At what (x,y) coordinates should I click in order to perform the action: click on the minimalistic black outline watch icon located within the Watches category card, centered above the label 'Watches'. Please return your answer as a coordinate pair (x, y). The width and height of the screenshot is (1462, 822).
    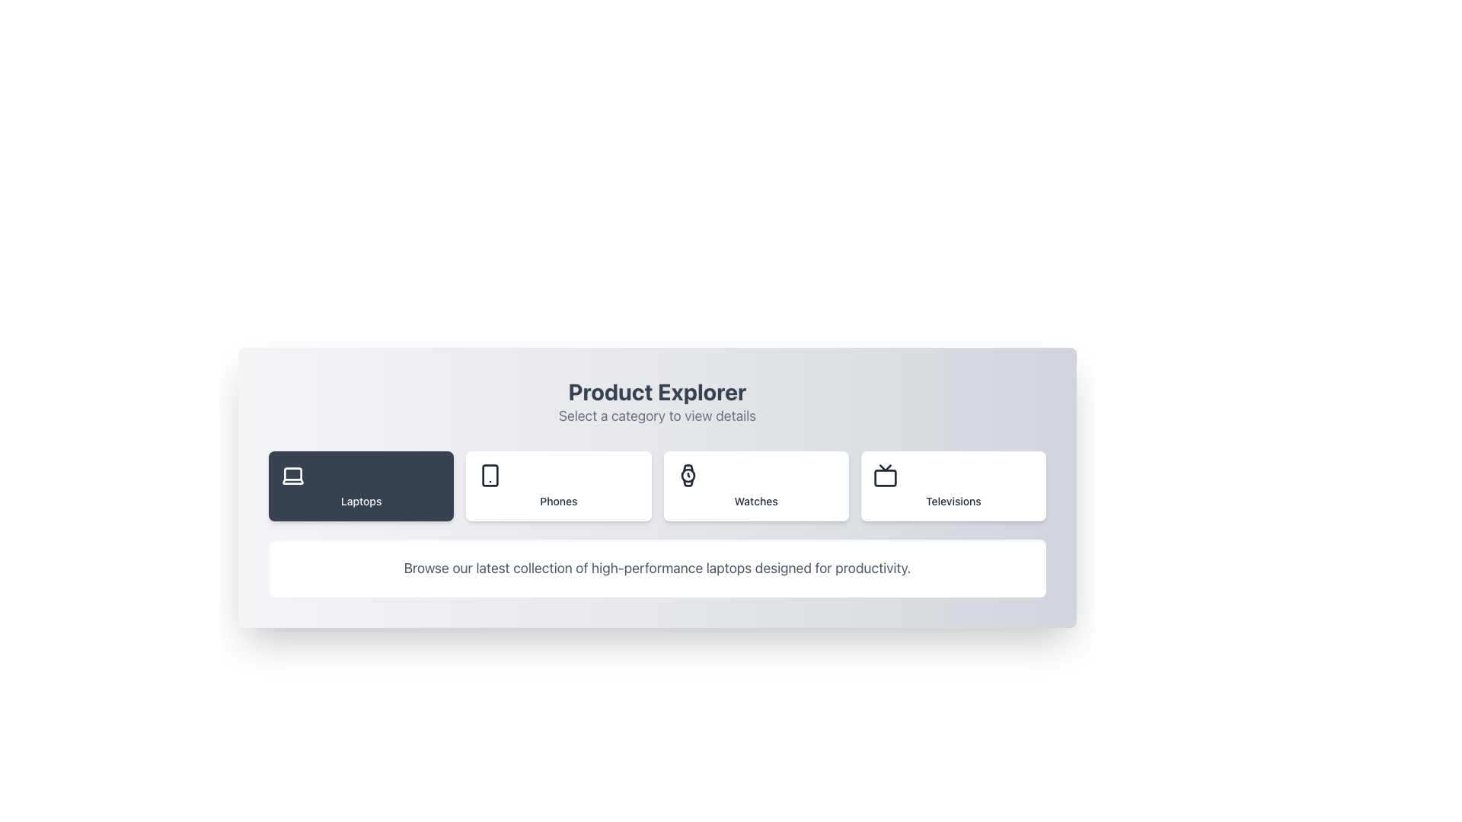
    Looking at the image, I should click on (687, 474).